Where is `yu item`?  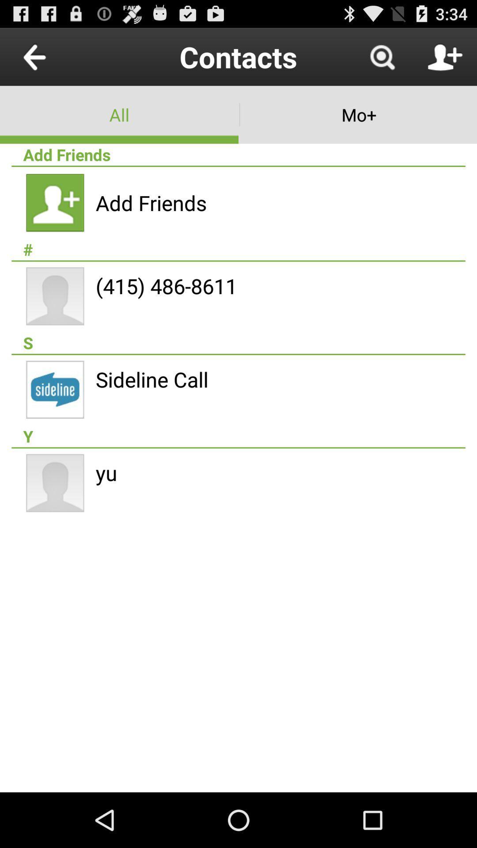
yu item is located at coordinates (106, 472).